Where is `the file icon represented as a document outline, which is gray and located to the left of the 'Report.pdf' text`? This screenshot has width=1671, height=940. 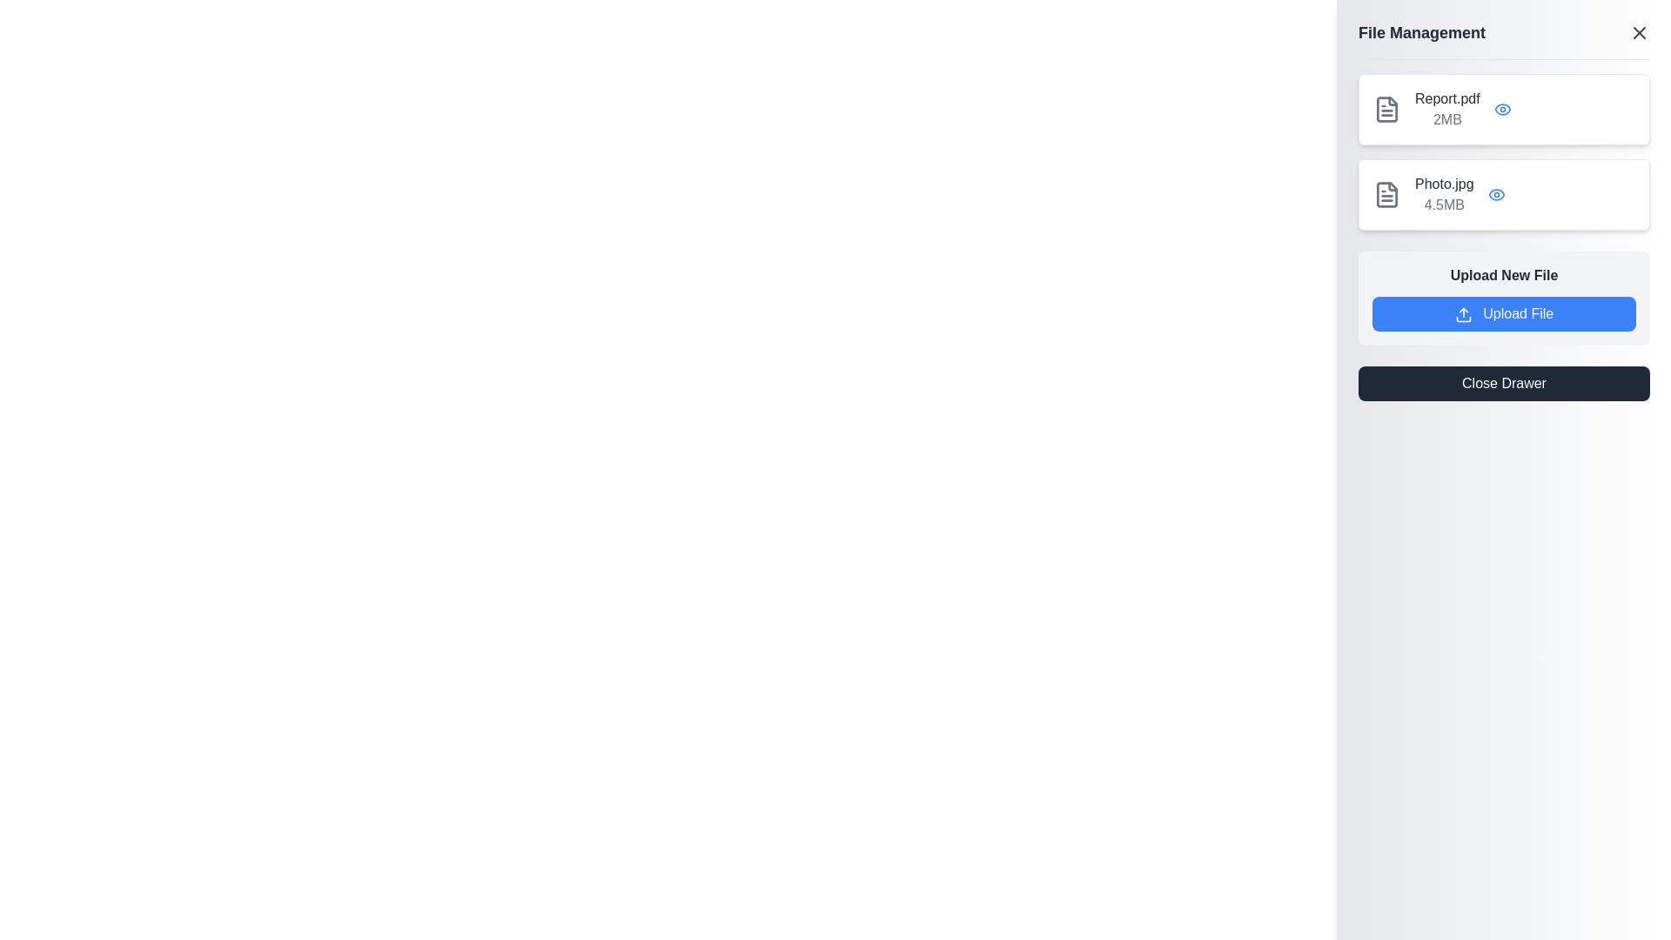
the file icon represented as a document outline, which is gray and located to the left of the 'Report.pdf' text is located at coordinates (1386, 110).